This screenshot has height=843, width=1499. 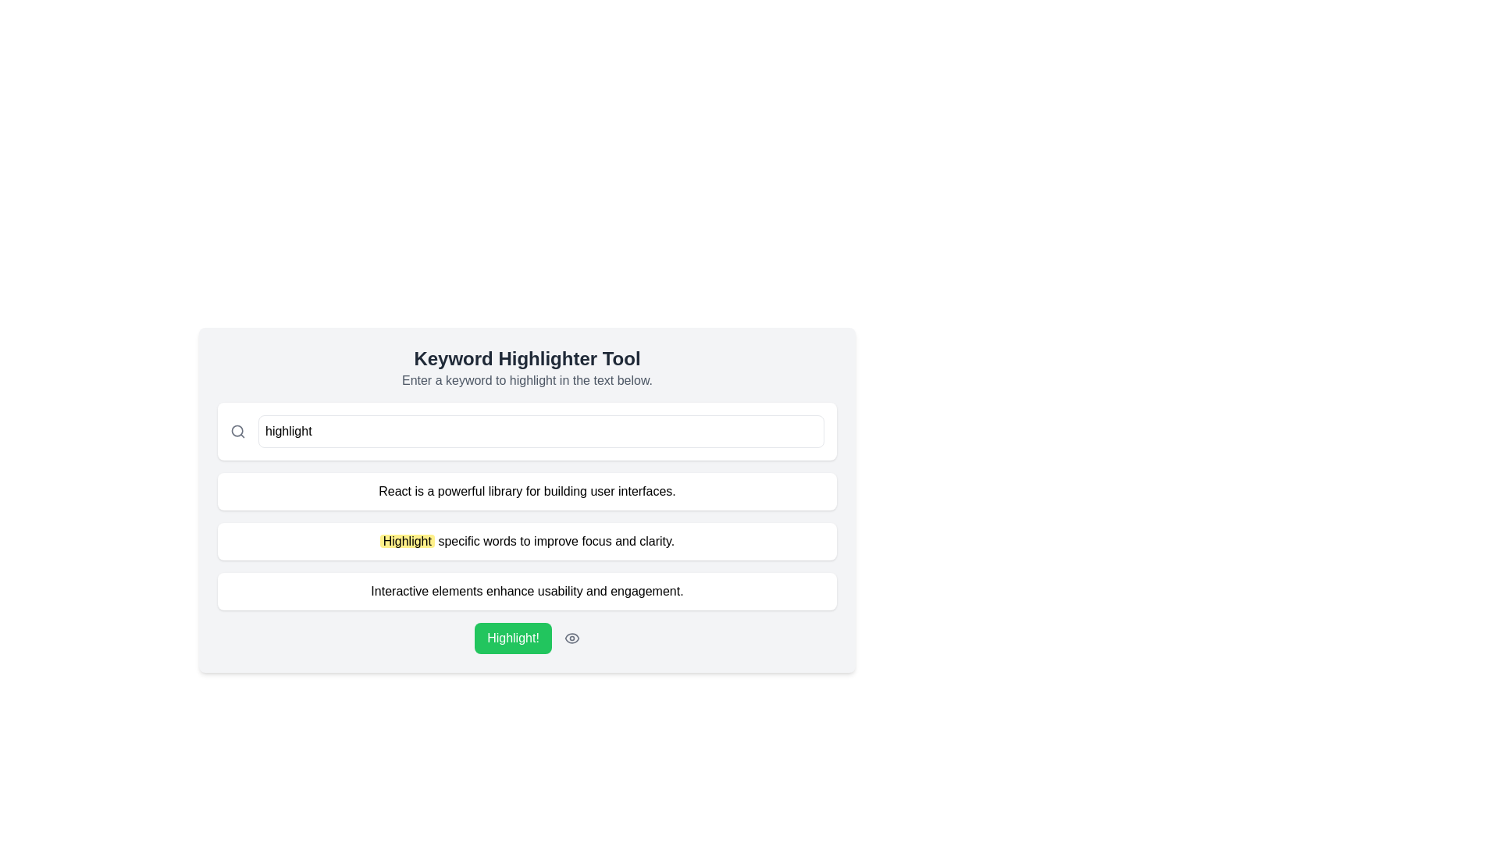 I want to click on the gray magnifying glass icon located on the left side of the 'Type a word, so click(x=237, y=431).